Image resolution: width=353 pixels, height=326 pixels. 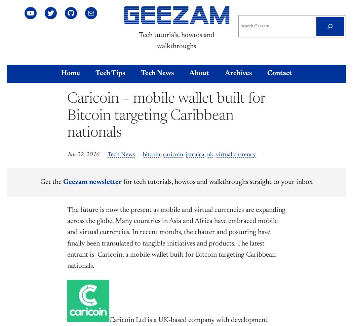 I want to click on 'The future is now the present as mobile and virtual currencies are expanding across the globe. Many countries in Asia and Africa have embraced mobile and virtual currencies. In recent months, the chatter and posturing have finally been transulated to tangible initiatives and products. The latest entrant is  Caricoin, a mobile wallet built for Bitcoin targeting Caribbean nationals.', so click(x=176, y=238).